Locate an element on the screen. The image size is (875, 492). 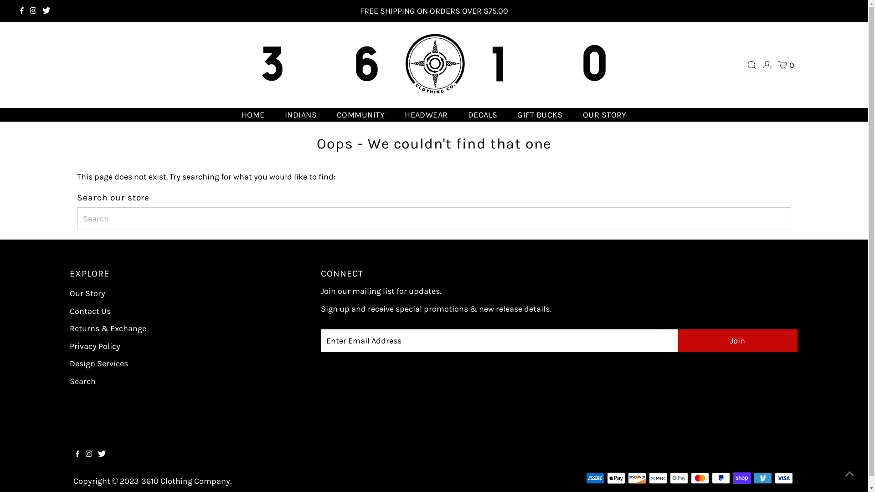
'Contact Us' is located at coordinates (89, 310).